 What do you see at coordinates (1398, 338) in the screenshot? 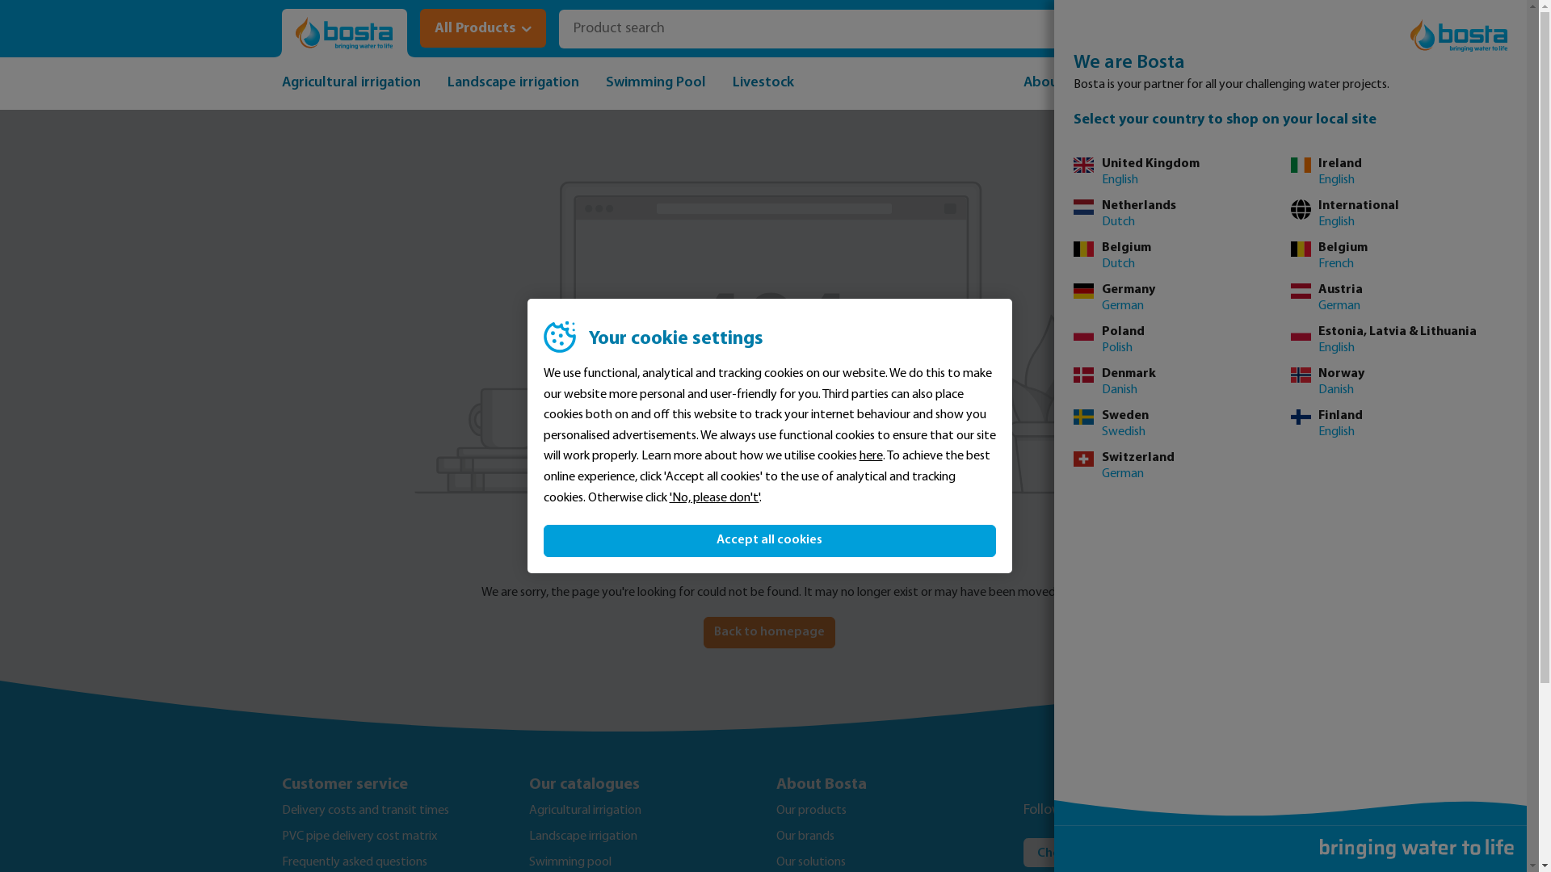
I see `'Estonia, Latvia & Lithuania` at bounding box center [1398, 338].